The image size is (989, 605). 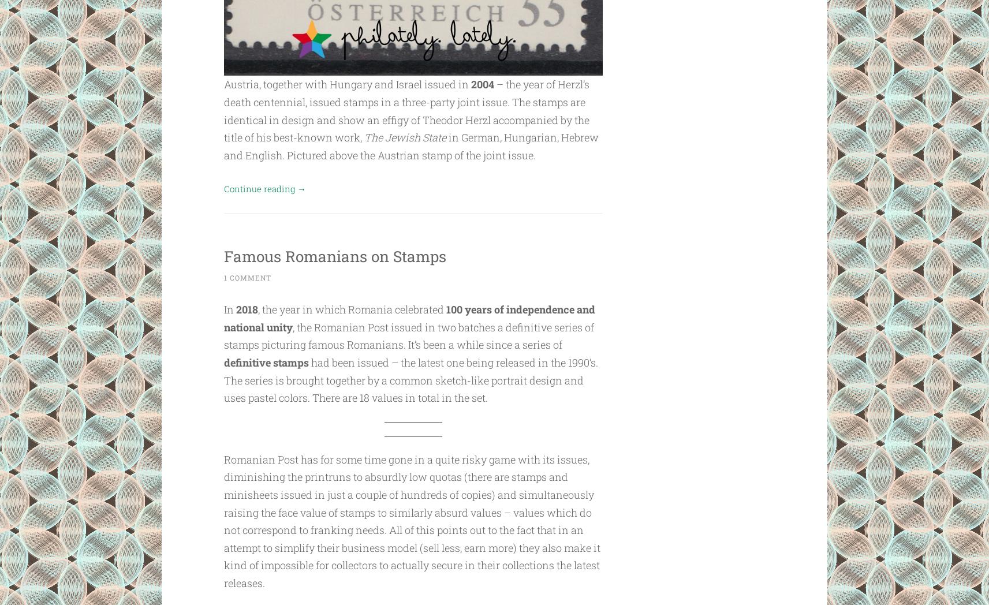 I want to click on '100 years of independence and national unity', so click(x=409, y=318).